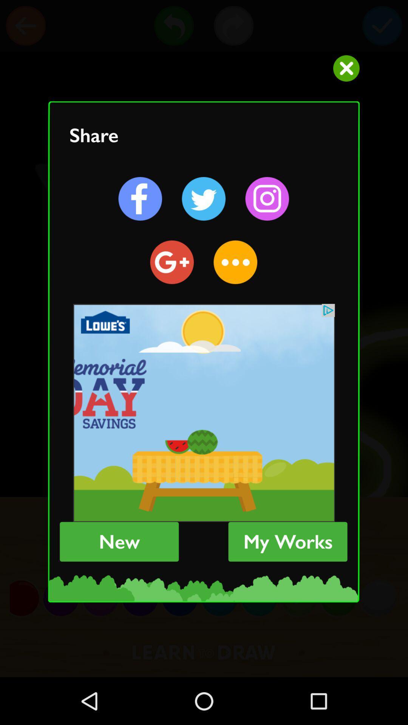  What do you see at coordinates (346, 68) in the screenshot?
I see `the close icon` at bounding box center [346, 68].